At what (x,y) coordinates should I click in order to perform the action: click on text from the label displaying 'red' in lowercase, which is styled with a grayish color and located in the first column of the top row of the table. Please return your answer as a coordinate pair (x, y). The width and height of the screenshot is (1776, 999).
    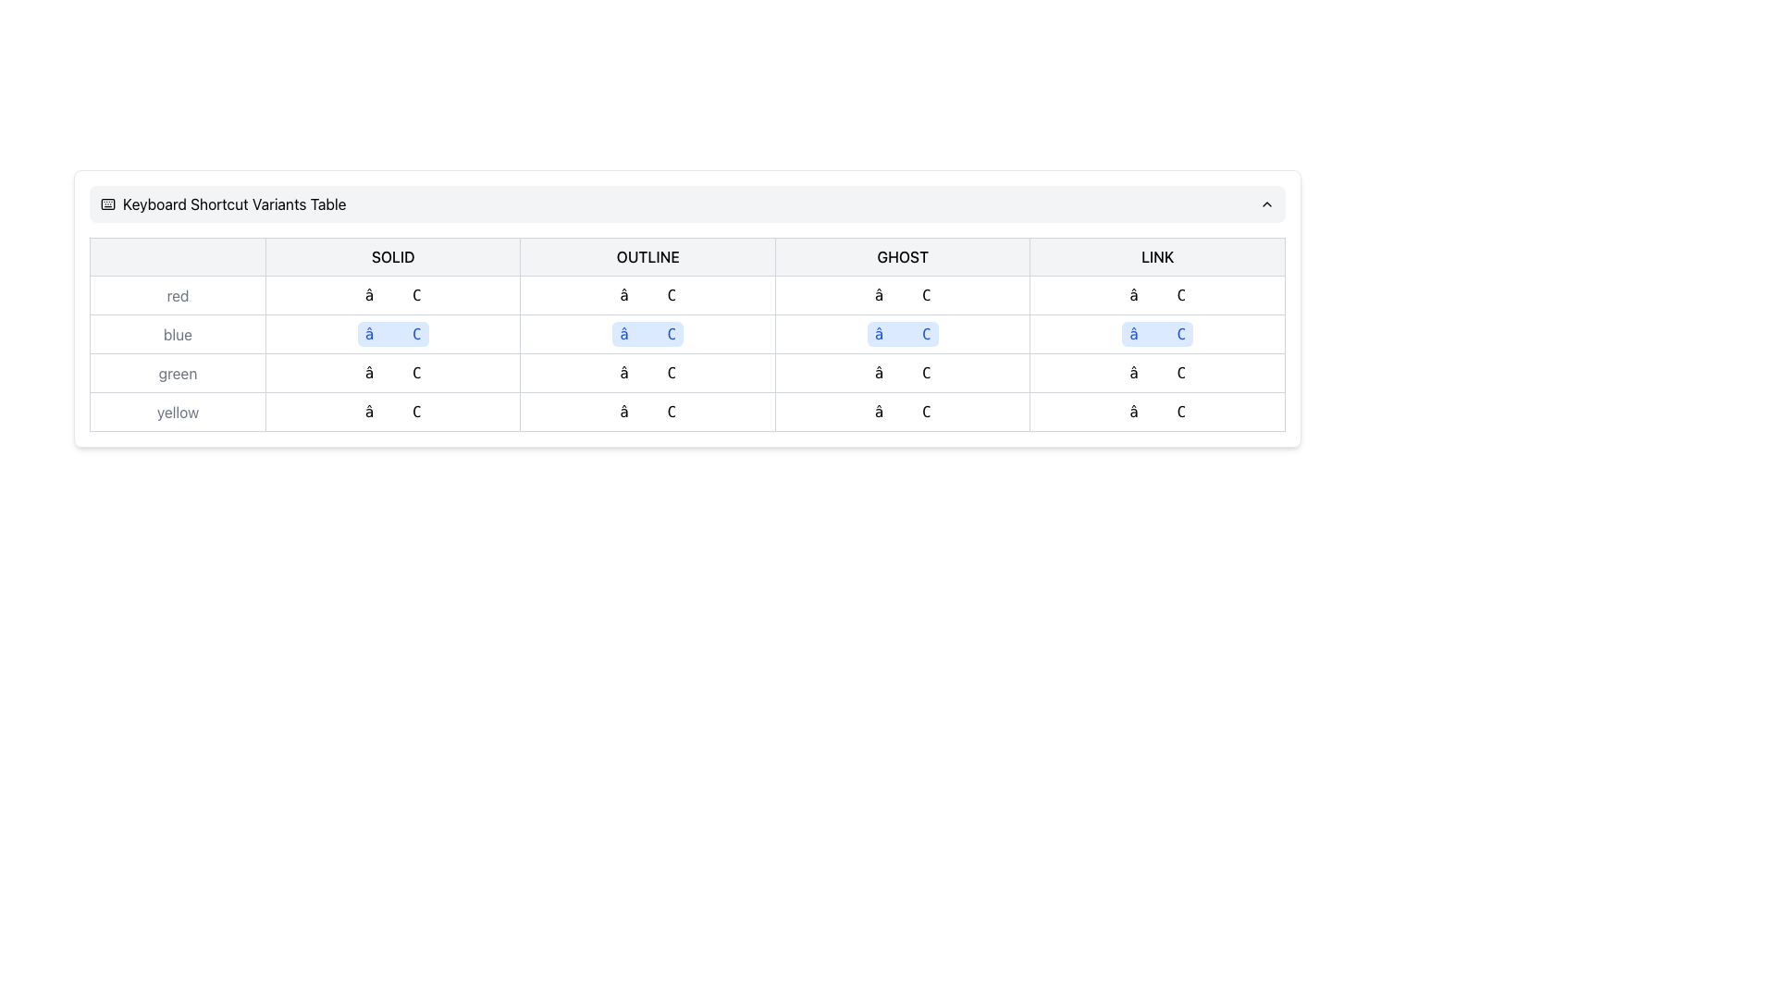
    Looking at the image, I should click on (178, 294).